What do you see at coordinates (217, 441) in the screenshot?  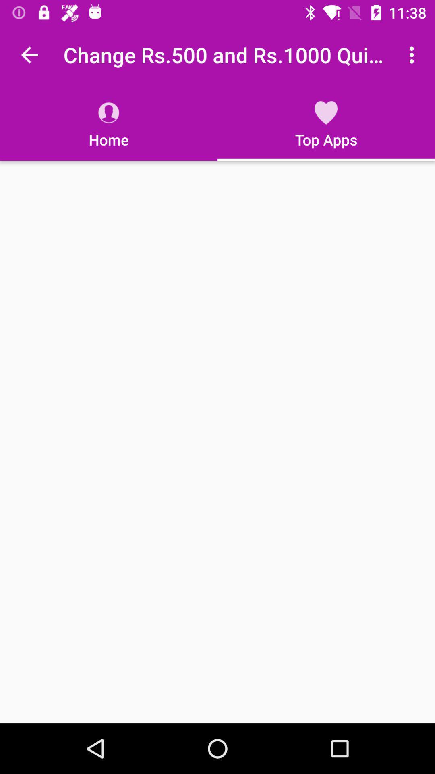 I see `the icon at the center` at bounding box center [217, 441].